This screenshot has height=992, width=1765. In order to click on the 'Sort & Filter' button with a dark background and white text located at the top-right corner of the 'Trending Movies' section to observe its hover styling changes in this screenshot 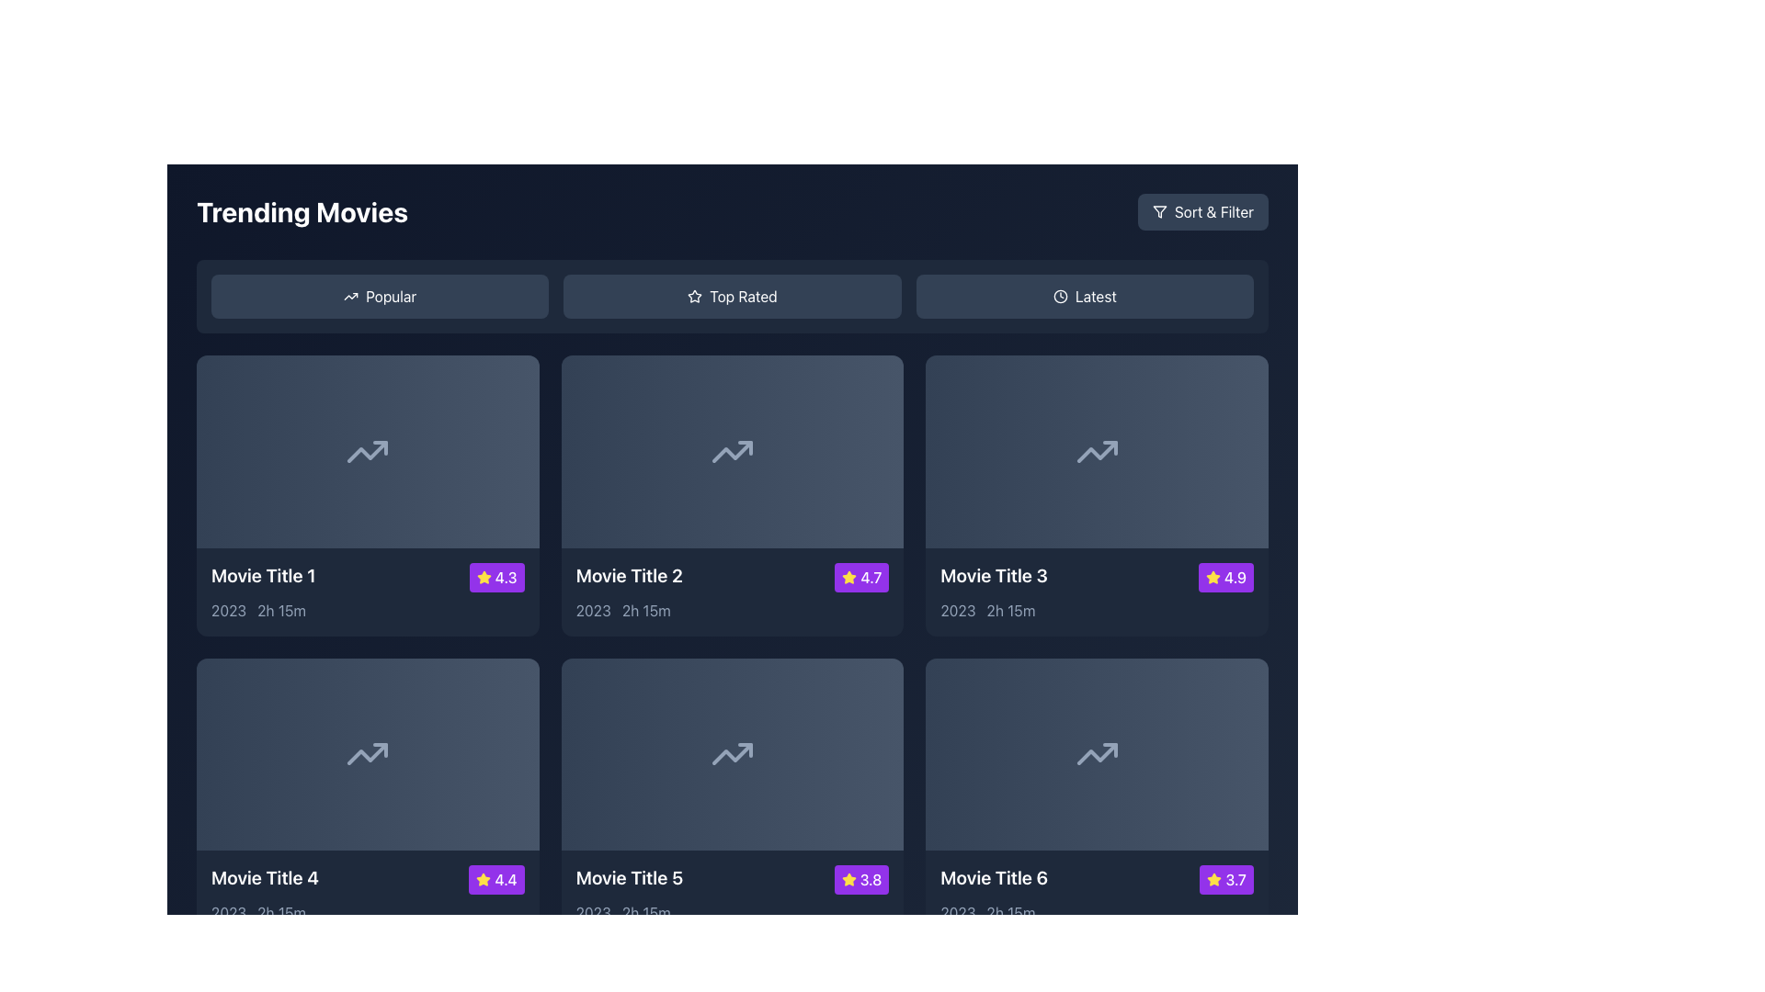, I will do `click(1202, 211)`.